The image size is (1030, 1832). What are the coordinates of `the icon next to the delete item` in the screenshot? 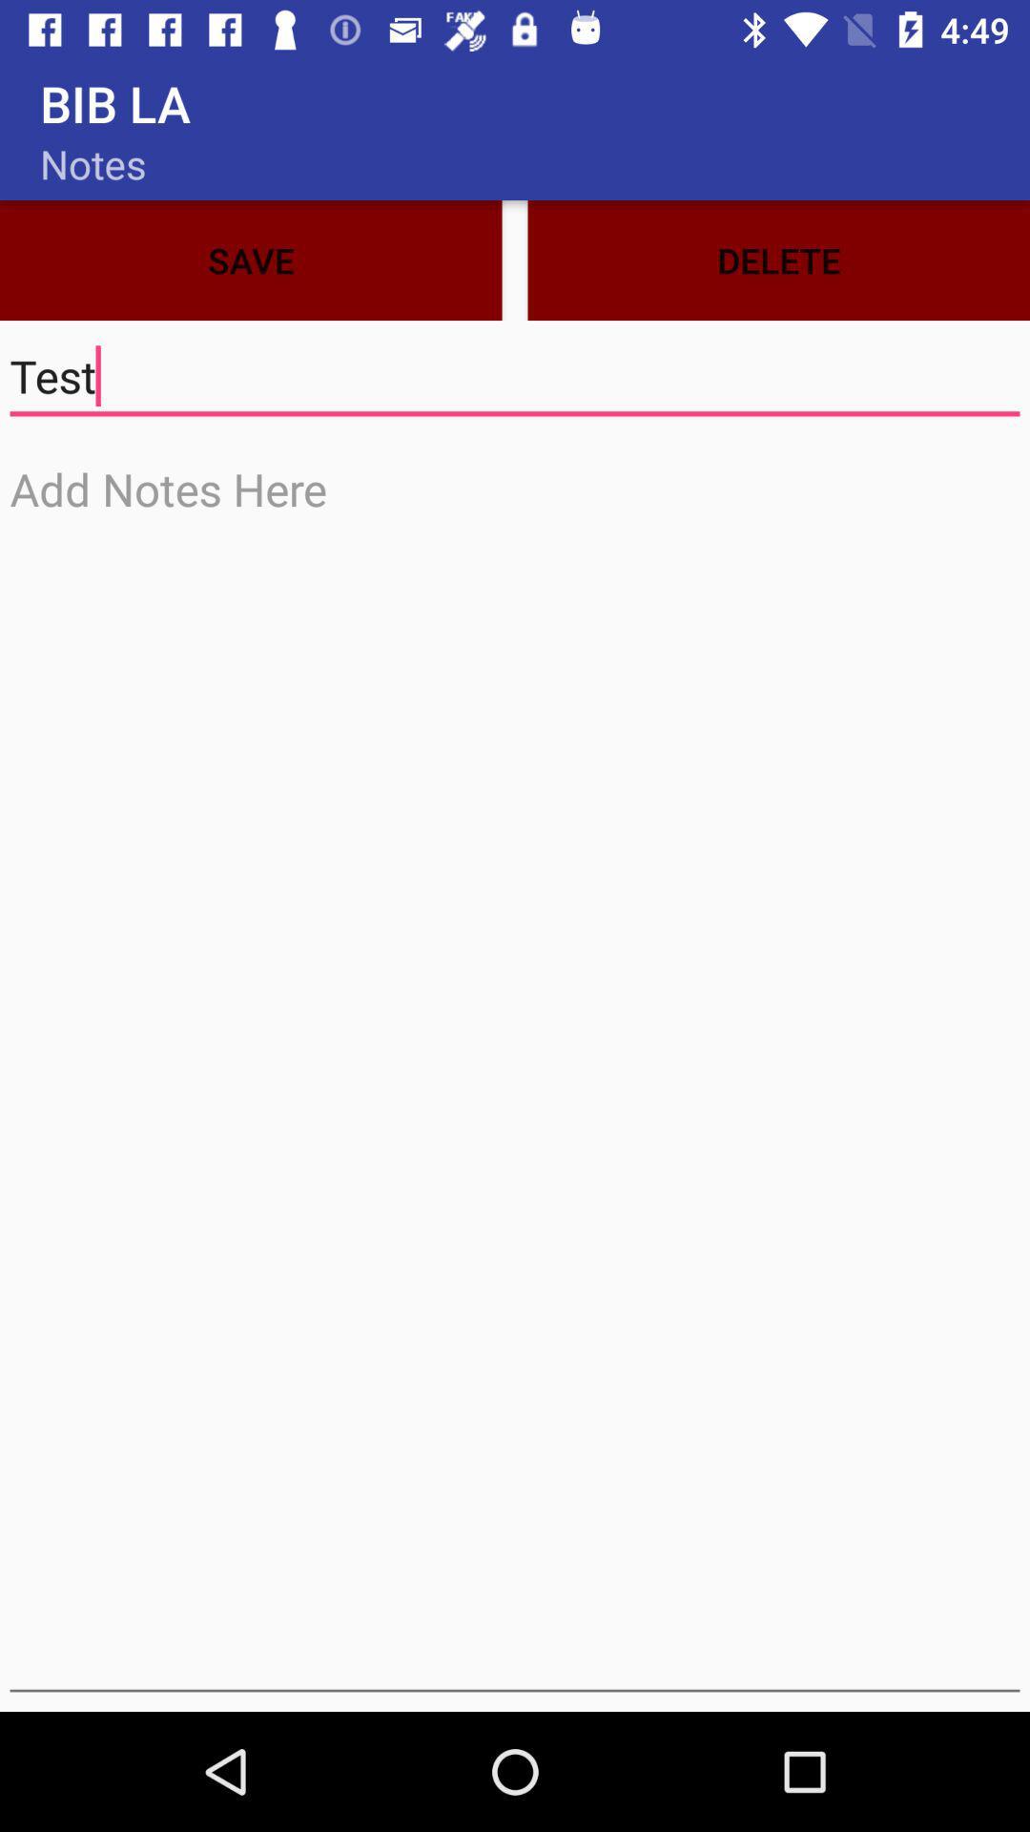 It's located at (250, 260).